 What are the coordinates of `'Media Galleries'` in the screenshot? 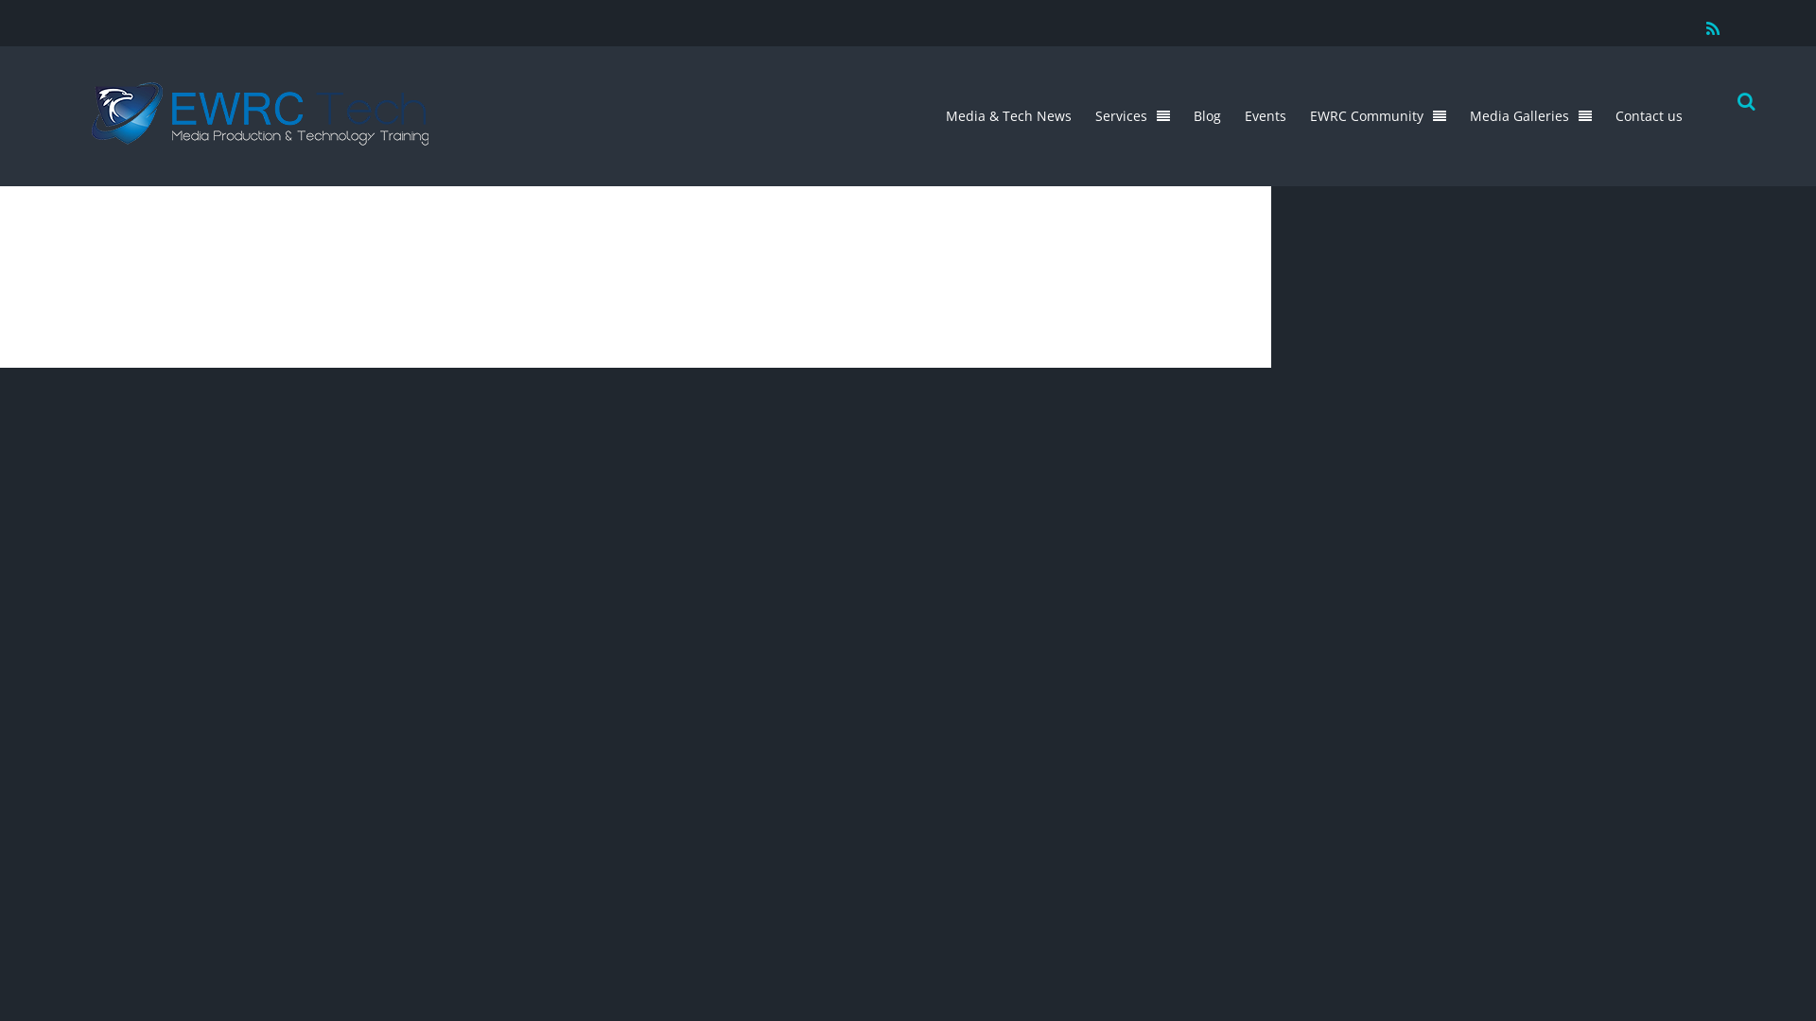 It's located at (1530, 115).